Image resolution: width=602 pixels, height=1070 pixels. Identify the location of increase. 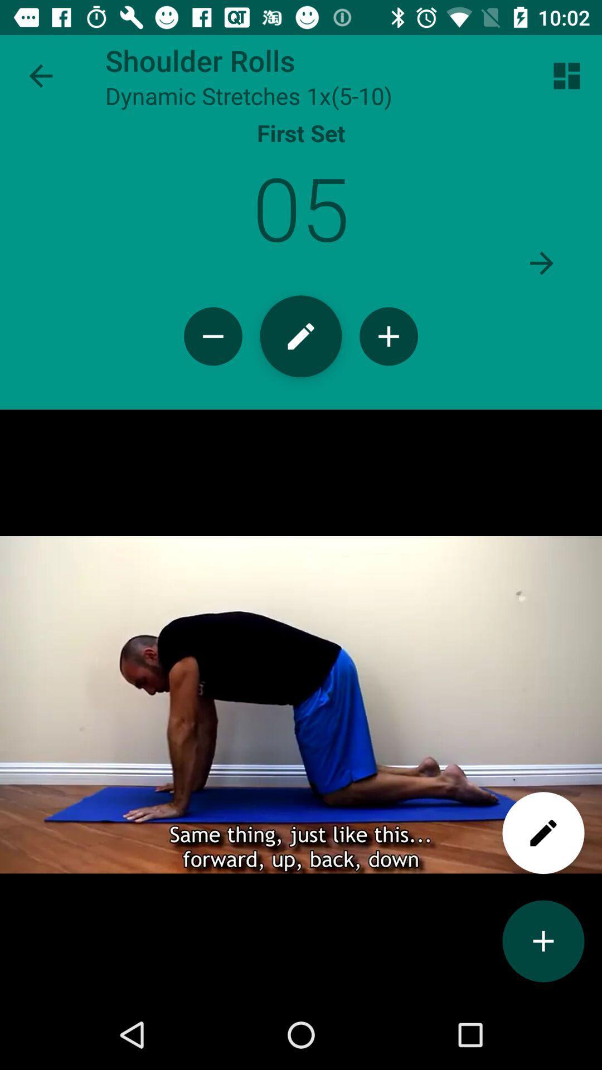
(543, 941).